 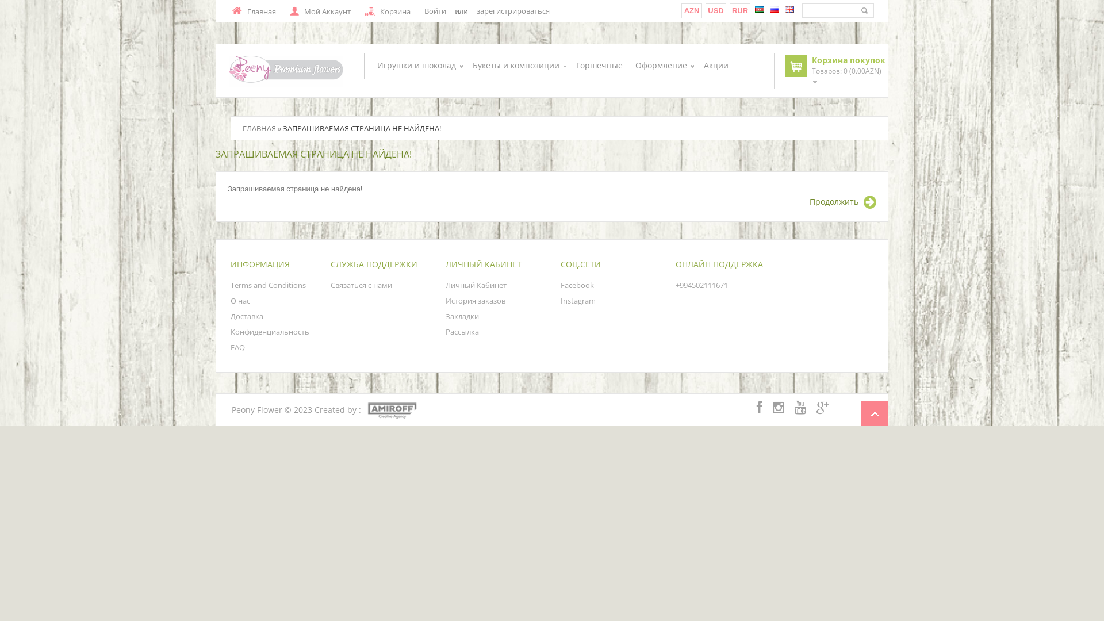 I want to click on 'RUR', so click(x=739, y=10).